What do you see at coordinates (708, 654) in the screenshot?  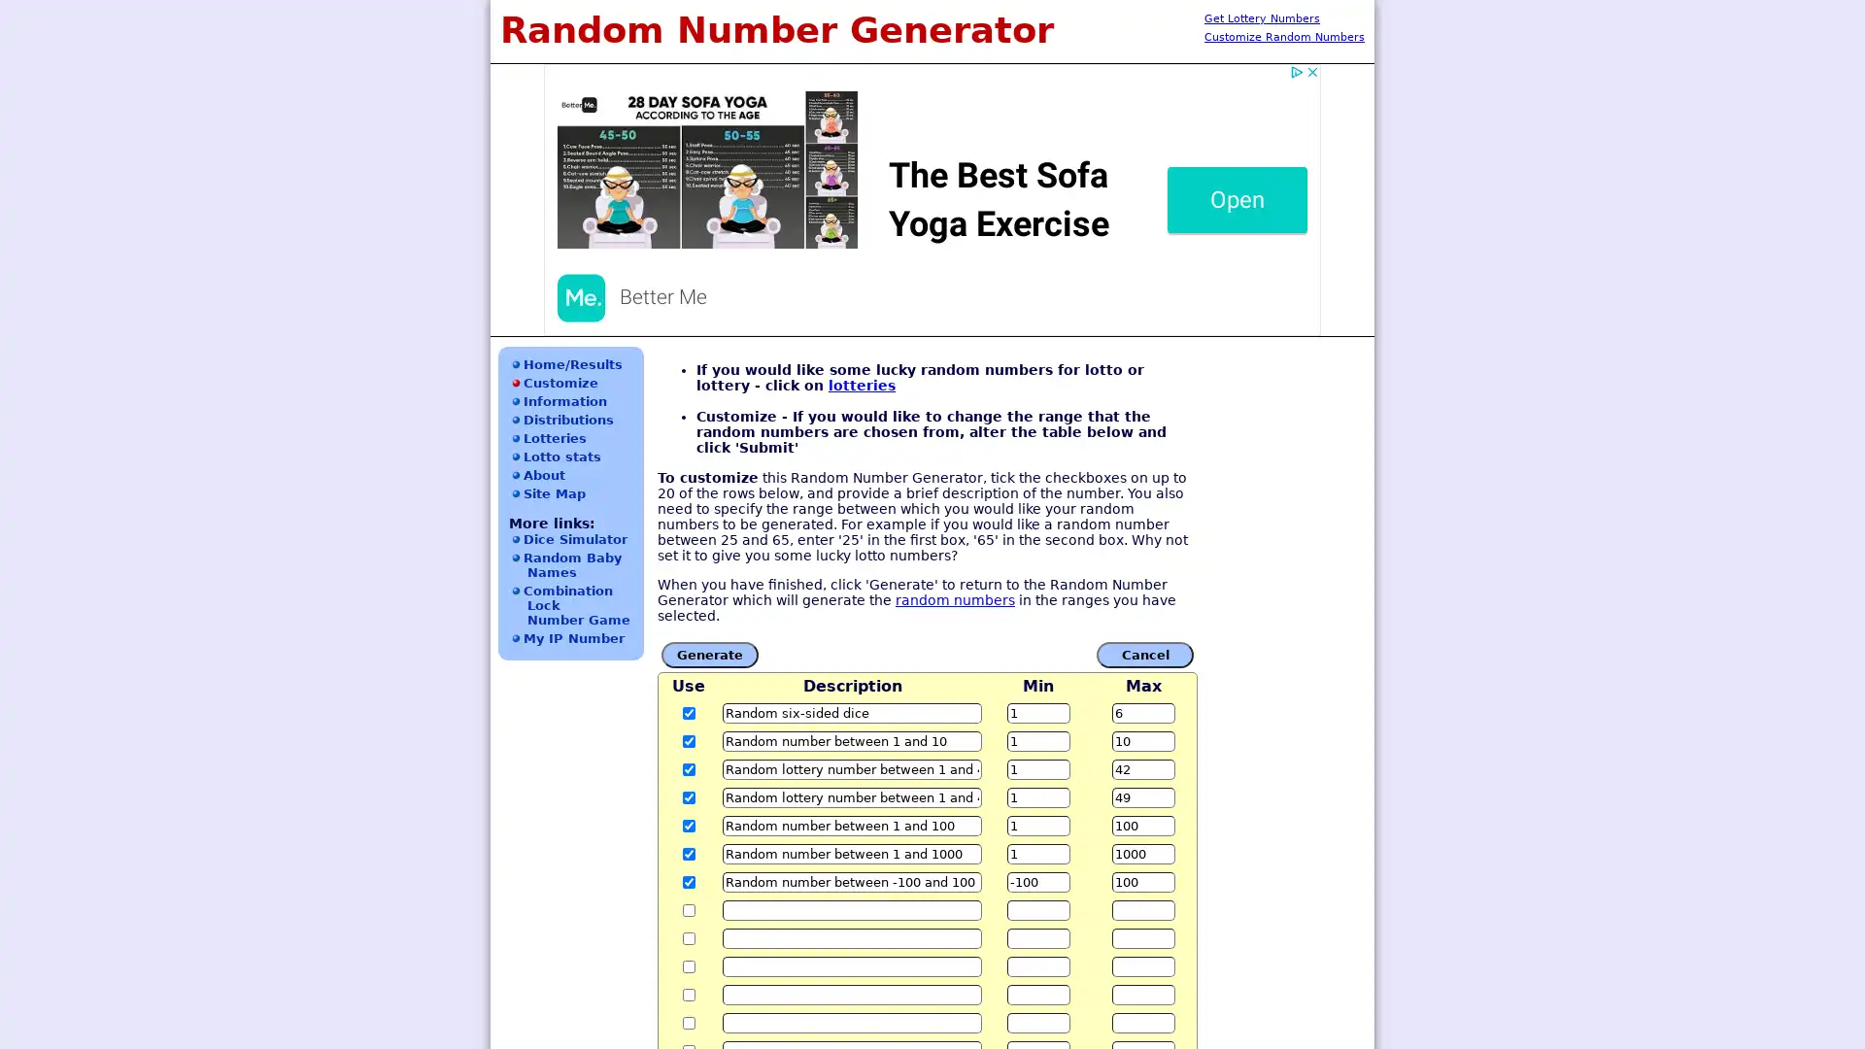 I see `Generate` at bounding box center [708, 654].